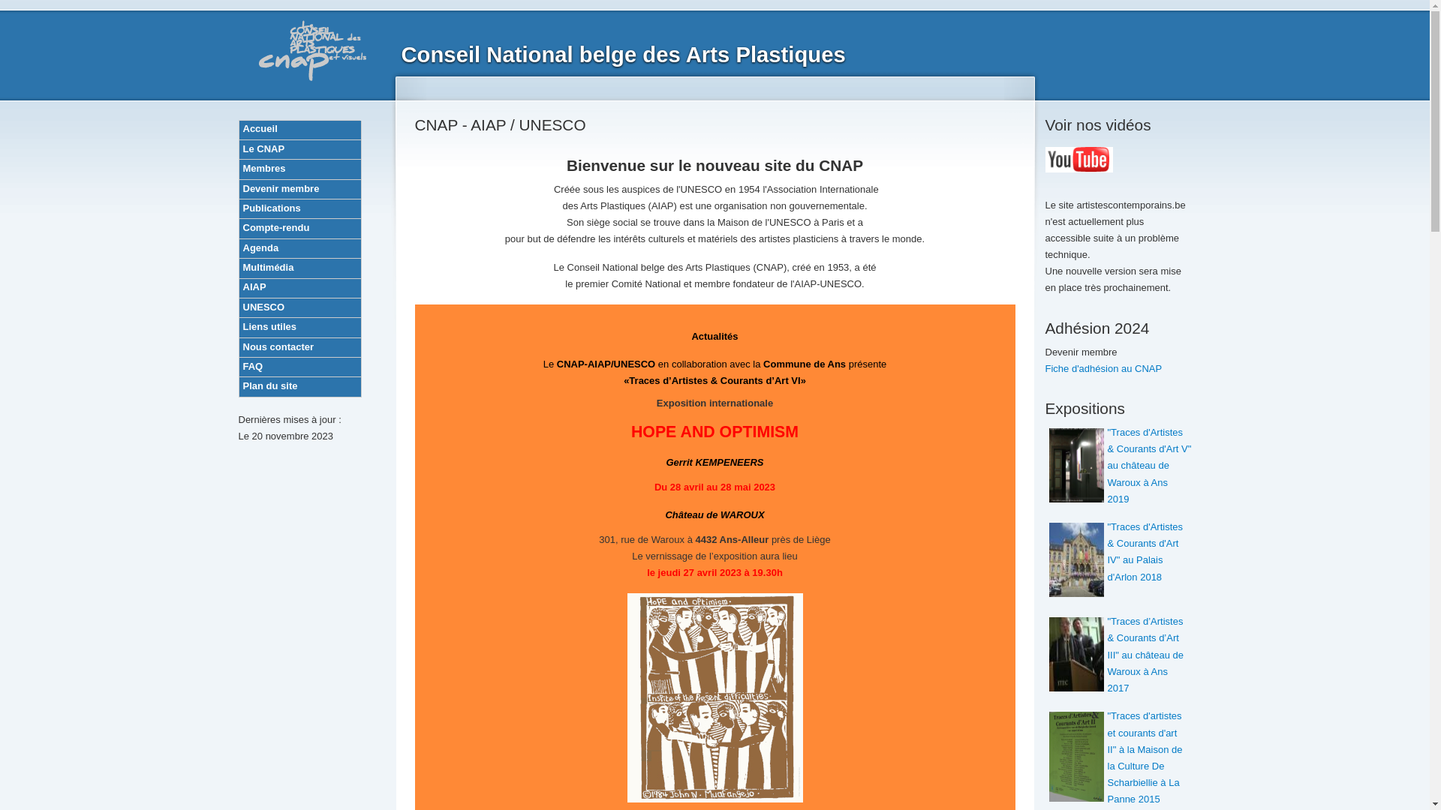  Describe the element at coordinates (299, 306) in the screenshot. I see `'UNESCO'` at that location.